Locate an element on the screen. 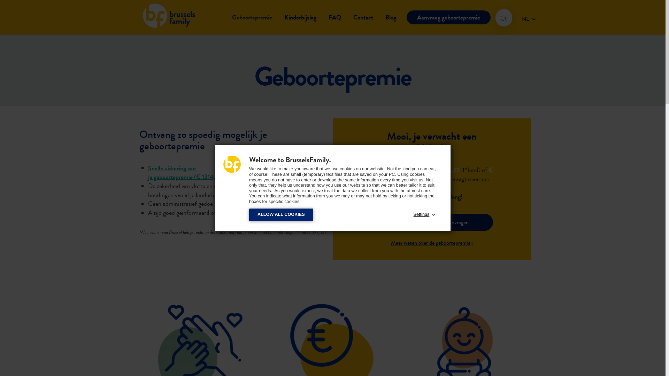  'Blog' is located at coordinates (391, 17).